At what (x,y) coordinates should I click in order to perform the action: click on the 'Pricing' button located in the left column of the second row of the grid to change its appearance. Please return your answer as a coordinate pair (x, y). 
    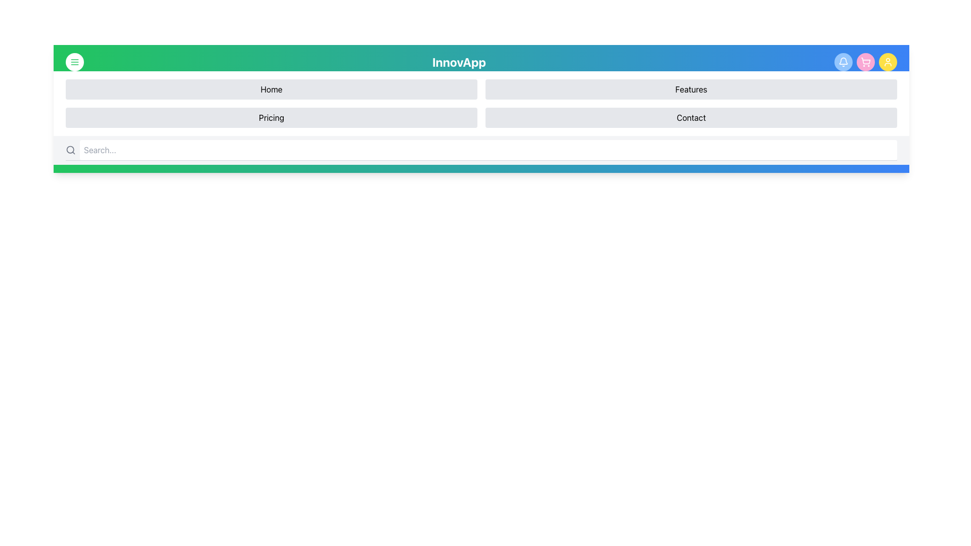
    Looking at the image, I should click on (272, 117).